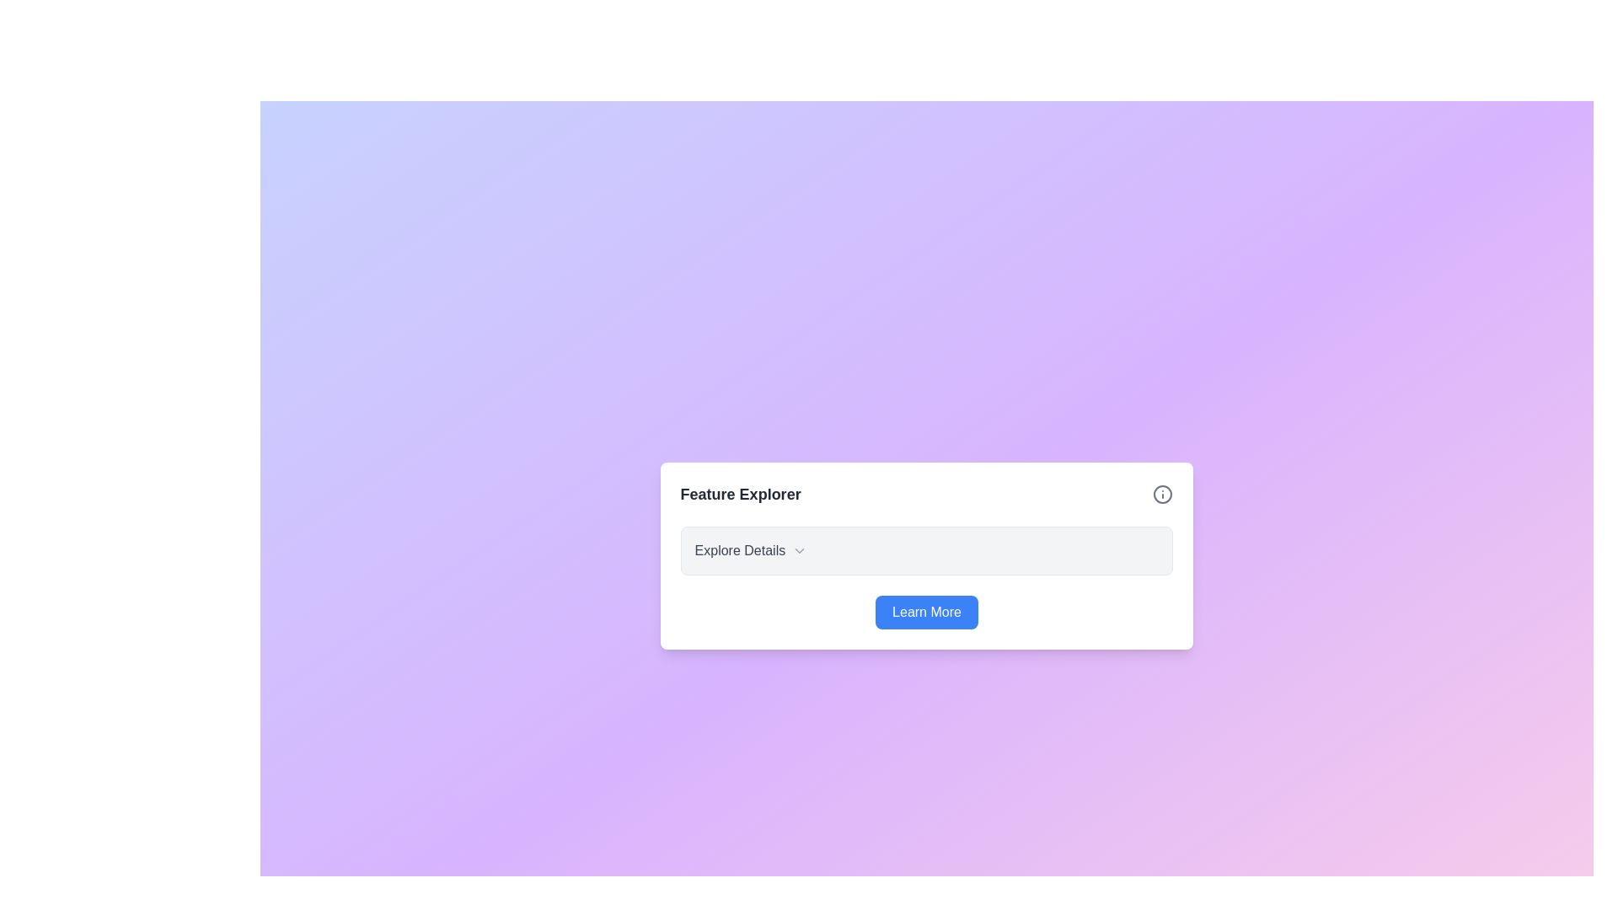 Image resolution: width=1618 pixels, height=910 pixels. I want to click on the text 'Feature Explorer' for copying by clicking on it, so click(741, 493).